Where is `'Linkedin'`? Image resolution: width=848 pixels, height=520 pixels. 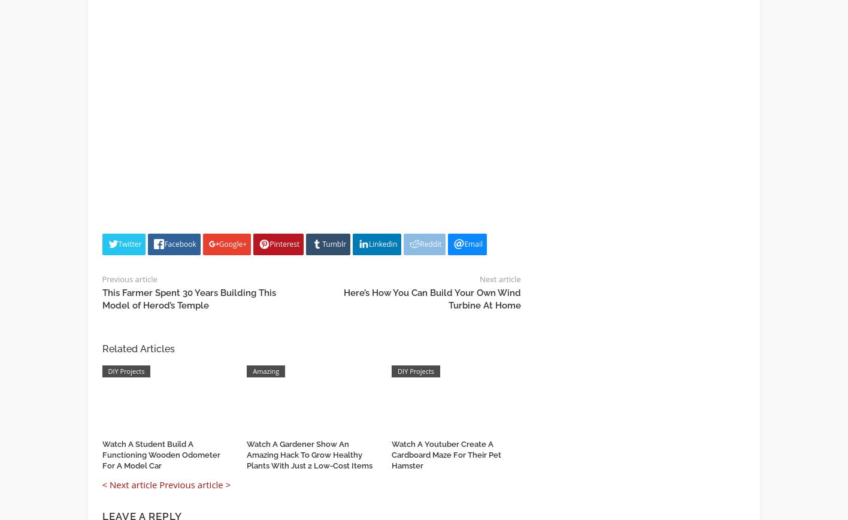
'Linkedin' is located at coordinates (383, 243).